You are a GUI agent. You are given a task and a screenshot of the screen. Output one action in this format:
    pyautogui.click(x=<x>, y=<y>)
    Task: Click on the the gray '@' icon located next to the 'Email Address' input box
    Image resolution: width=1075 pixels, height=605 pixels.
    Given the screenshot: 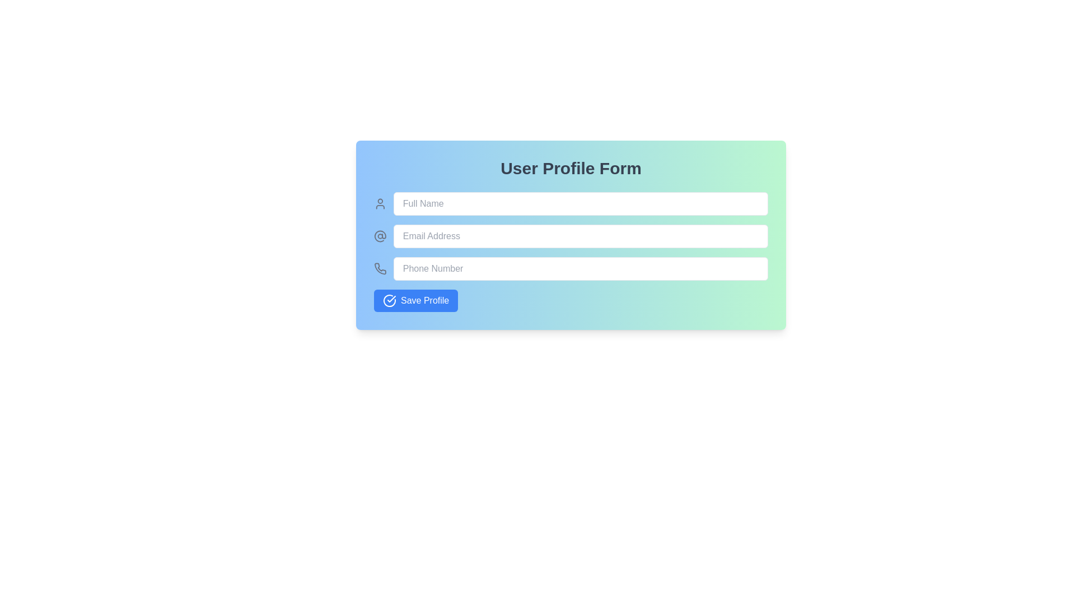 What is the action you would take?
    pyautogui.click(x=380, y=235)
    